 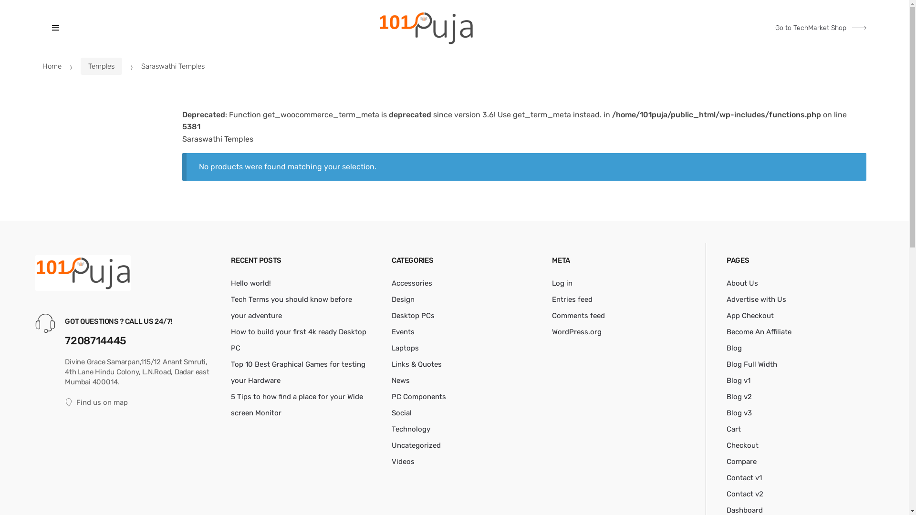 I want to click on 'Go to TechMarket Shop', so click(x=820, y=27).